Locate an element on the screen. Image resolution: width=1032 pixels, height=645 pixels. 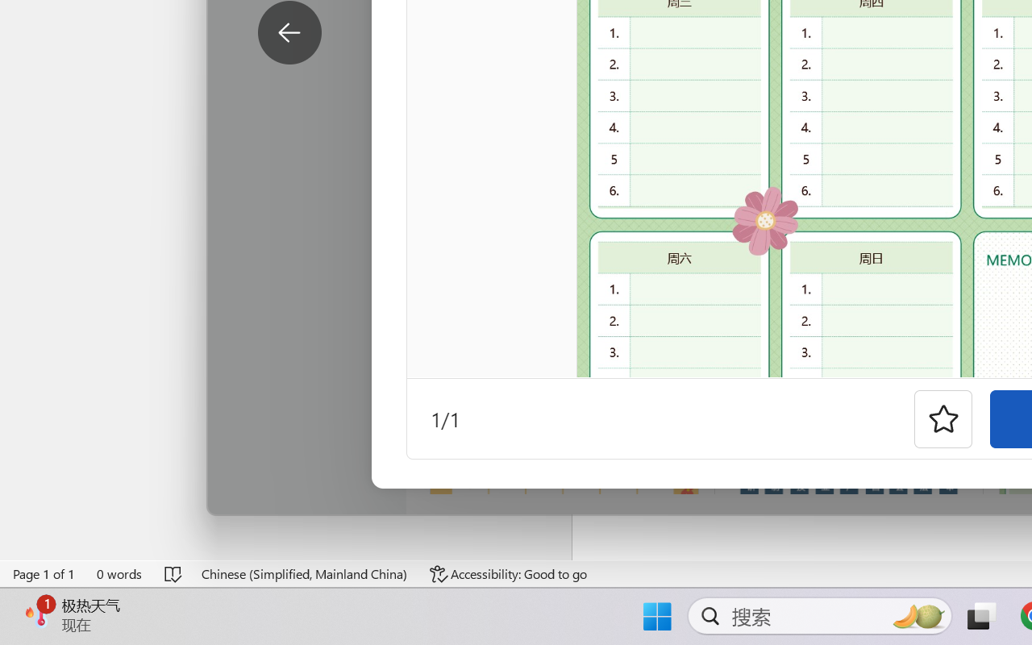
'Language Chinese (Simplified, Mainland China)' is located at coordinates (305, 573).